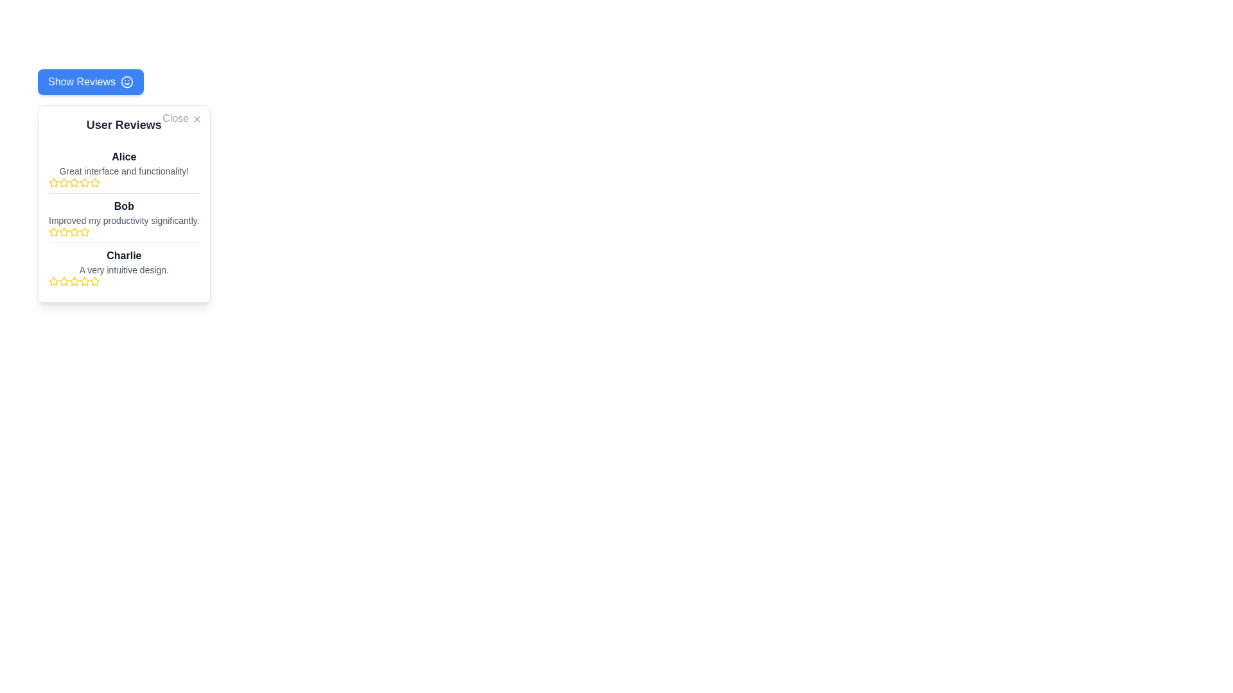 The width and height of the screenshot is (1233, 693). I want to click on the leftmost yellow star in the rating row beneath the review titled 'Alice', so click(52, 182).